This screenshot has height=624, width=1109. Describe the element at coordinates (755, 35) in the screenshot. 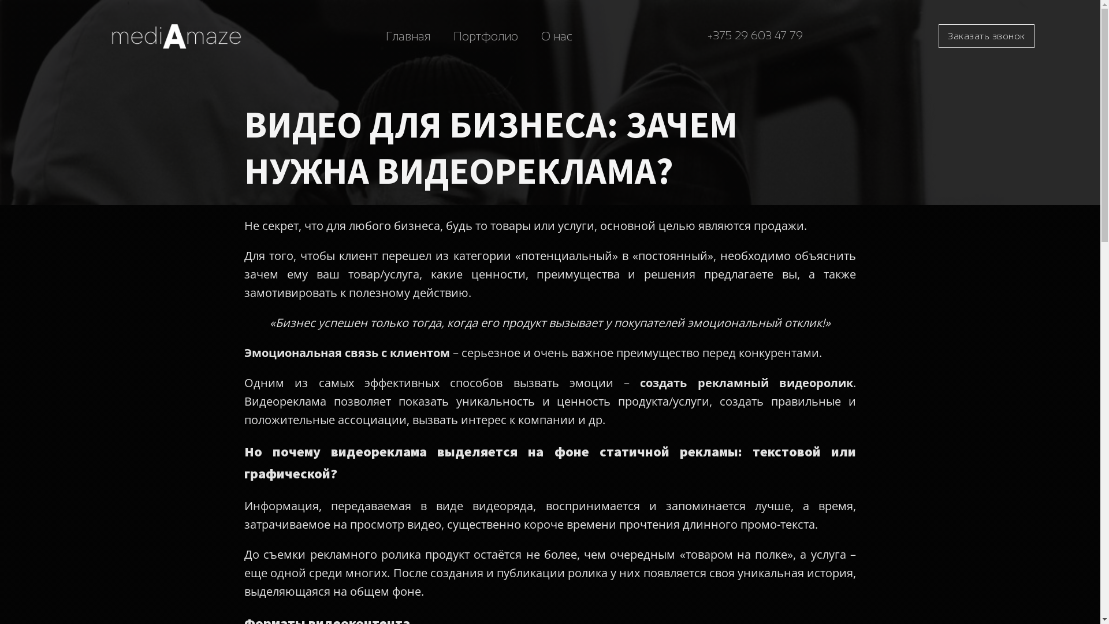

I see `'+375 29 603 47 79'` at that location.